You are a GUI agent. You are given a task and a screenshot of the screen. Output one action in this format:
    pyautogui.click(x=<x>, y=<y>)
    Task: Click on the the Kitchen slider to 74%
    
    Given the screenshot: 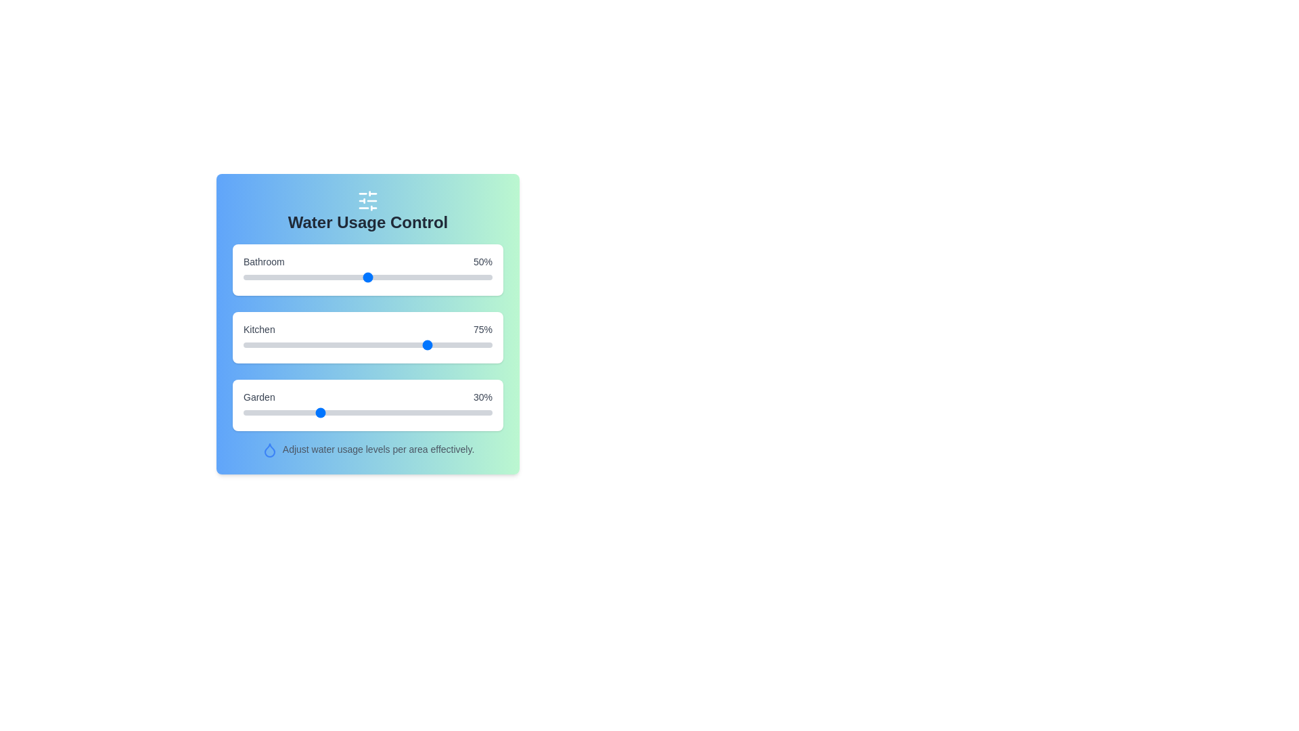 What is the action you would take?
    pyautogui.click(x=427, y=344)
    